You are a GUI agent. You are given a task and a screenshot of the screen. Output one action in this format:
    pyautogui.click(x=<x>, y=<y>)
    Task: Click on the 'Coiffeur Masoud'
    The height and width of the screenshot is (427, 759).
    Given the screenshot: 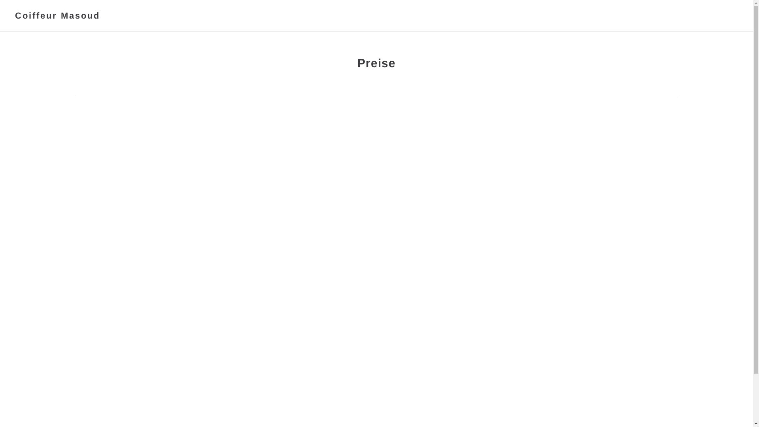 What is the action you would take?
    pyautogui.click(x=57, y=15)
    